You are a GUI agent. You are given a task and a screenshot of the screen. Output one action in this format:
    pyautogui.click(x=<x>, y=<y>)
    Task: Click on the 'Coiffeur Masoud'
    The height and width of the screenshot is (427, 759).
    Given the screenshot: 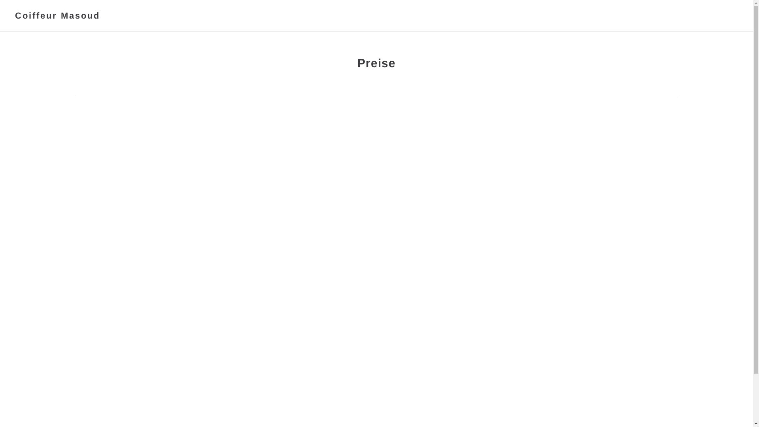 What is the action you would take?
    pyautogui.click(x=57, y=15)
    